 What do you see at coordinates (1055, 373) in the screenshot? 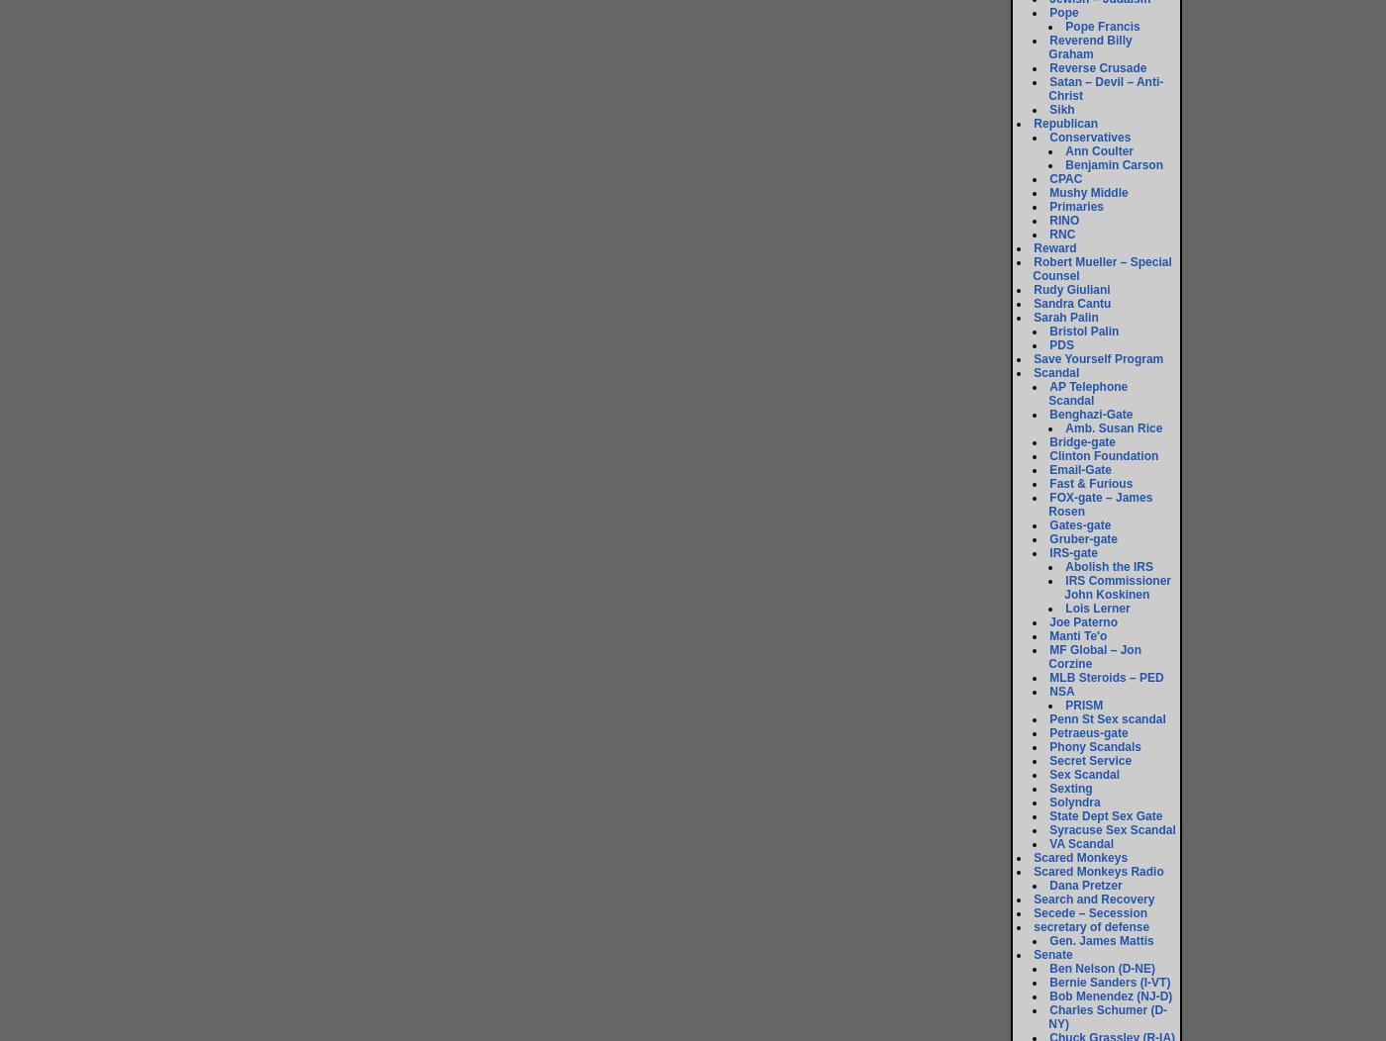
I see `'Scandal'` at bounding box center [1055, 373].